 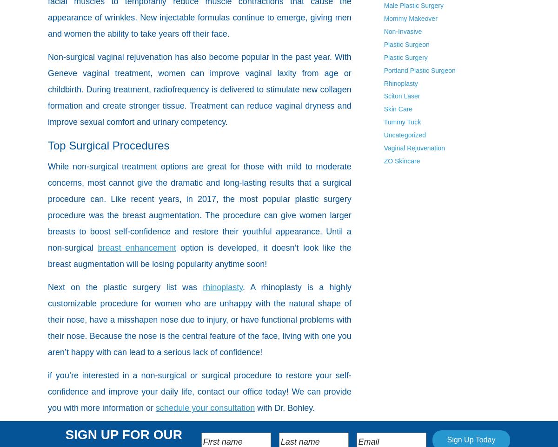 I want to click on 'Portland Plastic Surgeon', so click(x=419, y=70).